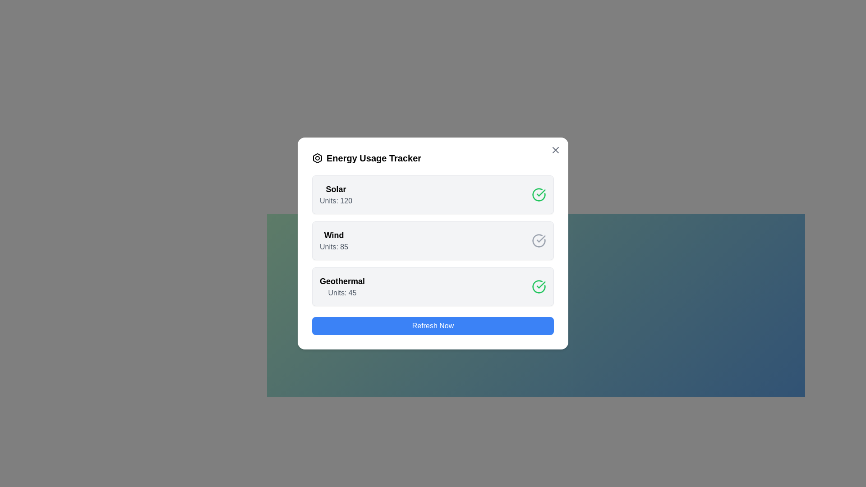 The image size is (866, 487). I want to click on the status of the checkmark icon located in the bottom right corner of the 'Geothermal: Units 45' section, which indicates the successful state of the Geothermal category, so click(539, 287).